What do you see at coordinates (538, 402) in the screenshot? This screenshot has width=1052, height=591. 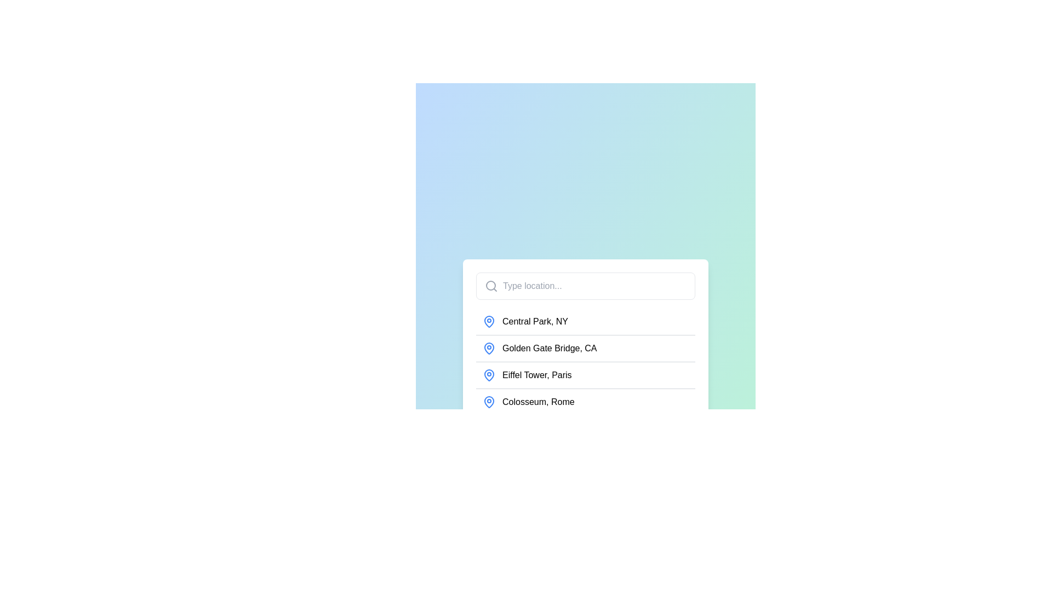 I see `the text label displaying 'Colosseum, Rome' which is the fourth entry in the vertical list of destination labels, marked by a blue map pin icon to its left` at bounding box center [538, 402].